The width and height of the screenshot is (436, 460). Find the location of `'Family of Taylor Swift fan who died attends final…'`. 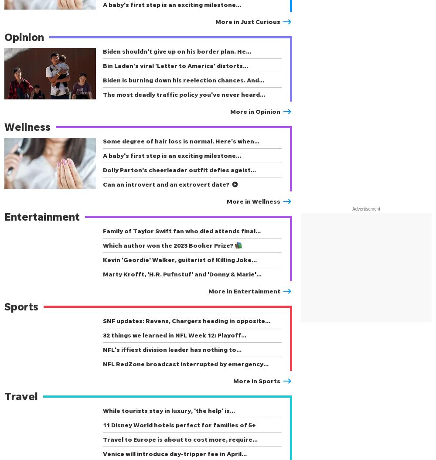

'Family of Taylor Swift fan who died attends final…' is located at coordinates (182, 230).